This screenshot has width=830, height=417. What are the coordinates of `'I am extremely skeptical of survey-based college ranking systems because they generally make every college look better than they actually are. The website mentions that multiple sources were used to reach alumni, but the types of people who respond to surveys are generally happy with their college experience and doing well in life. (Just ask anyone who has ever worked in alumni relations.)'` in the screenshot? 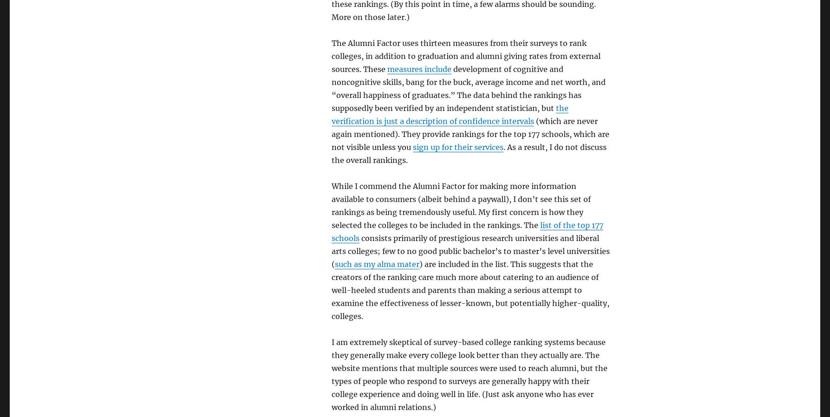 It's located at (469, 375).